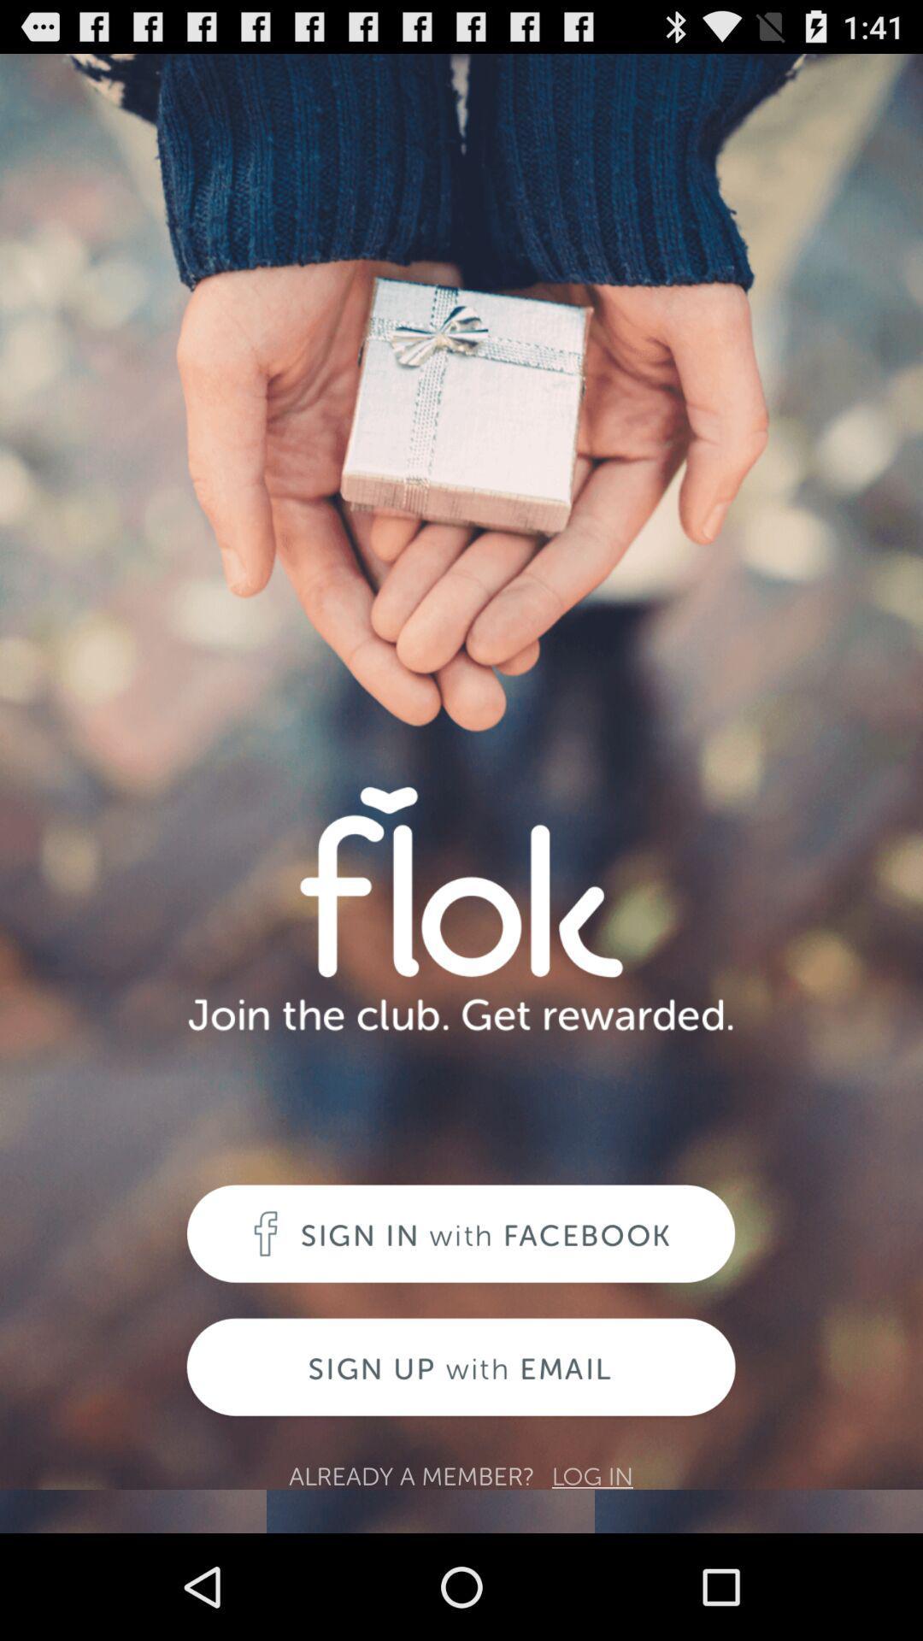 This screenshot has height=1641, width=923. I want to click on sign up page, so click(460, 1369).